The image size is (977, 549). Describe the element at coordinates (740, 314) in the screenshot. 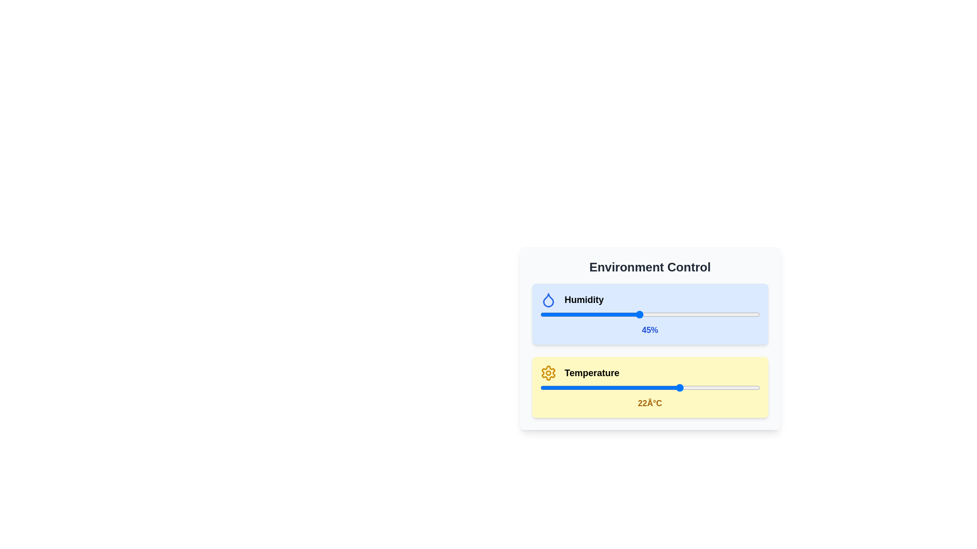

I see `the humidity slider to set the humidity level to 91%` at that location.